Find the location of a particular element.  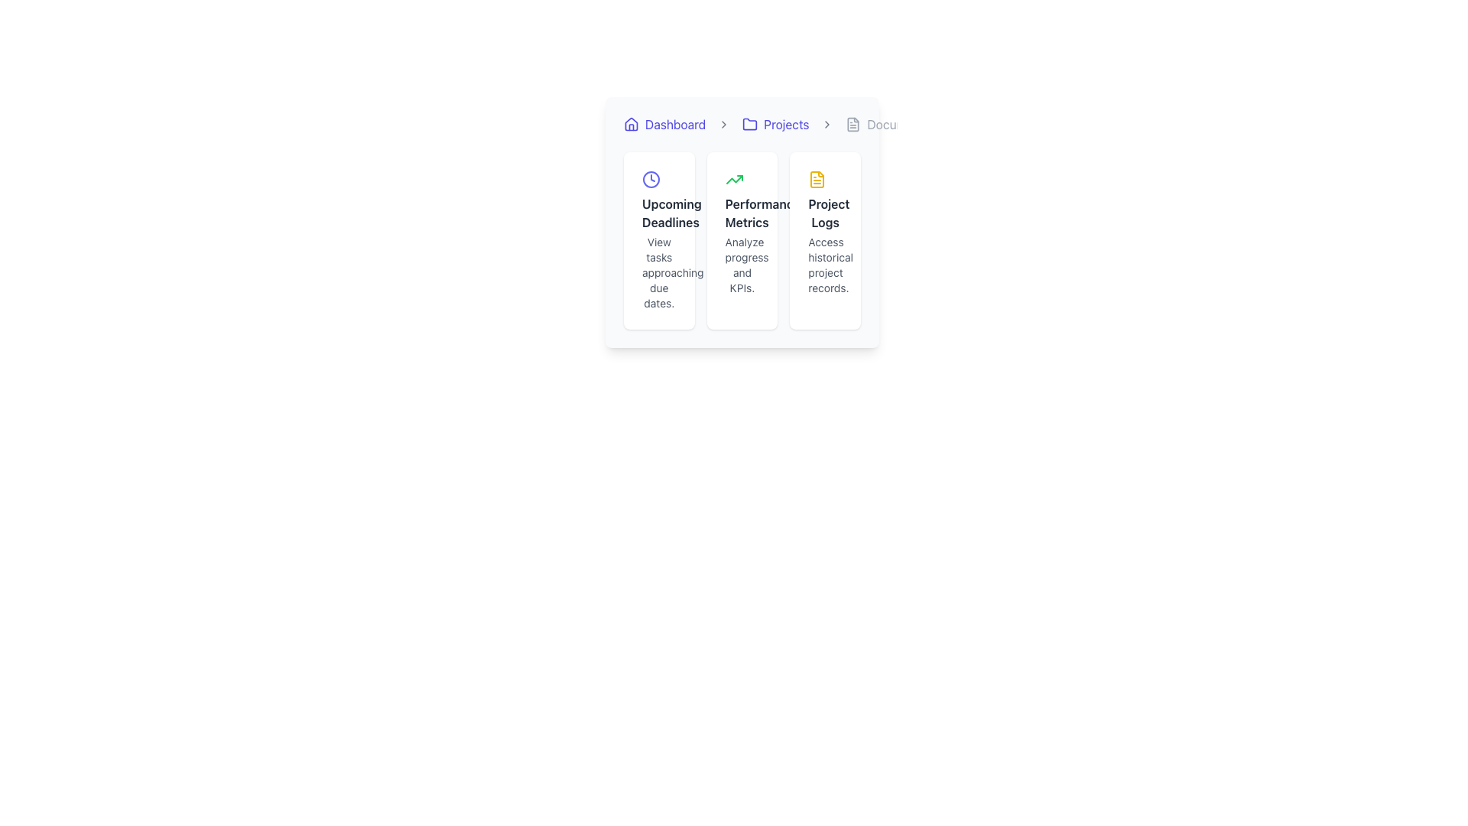

the separator icon located between the 'Projects' and 'Documentation' text in the breadcrumb navigation bar is located at coordinates (827, 123).